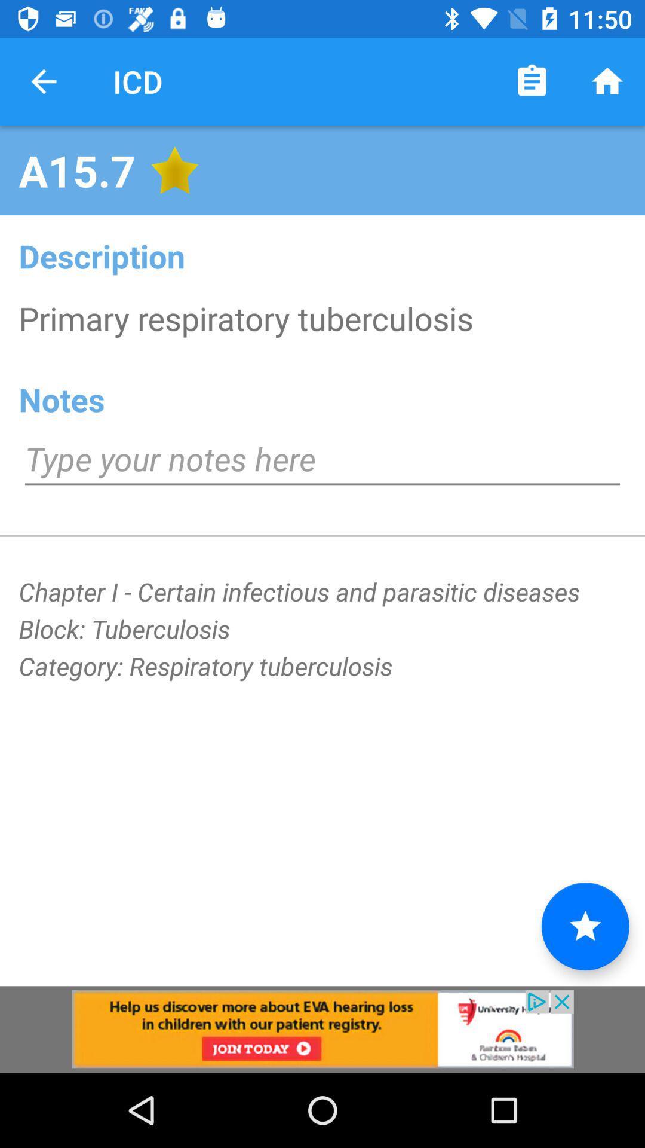 The height and width of the screenshot is (1148, 645). I want to click on the star icon, so click(585, 926).